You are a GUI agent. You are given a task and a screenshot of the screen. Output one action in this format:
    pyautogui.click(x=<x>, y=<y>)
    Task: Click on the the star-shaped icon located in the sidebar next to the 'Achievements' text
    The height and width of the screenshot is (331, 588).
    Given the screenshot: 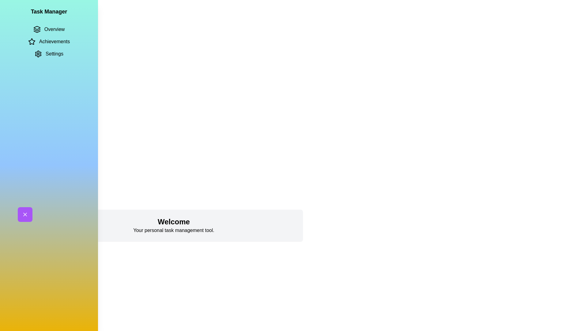 What is the action you would take?
    pyautogui.click(x=31, y=41)
    